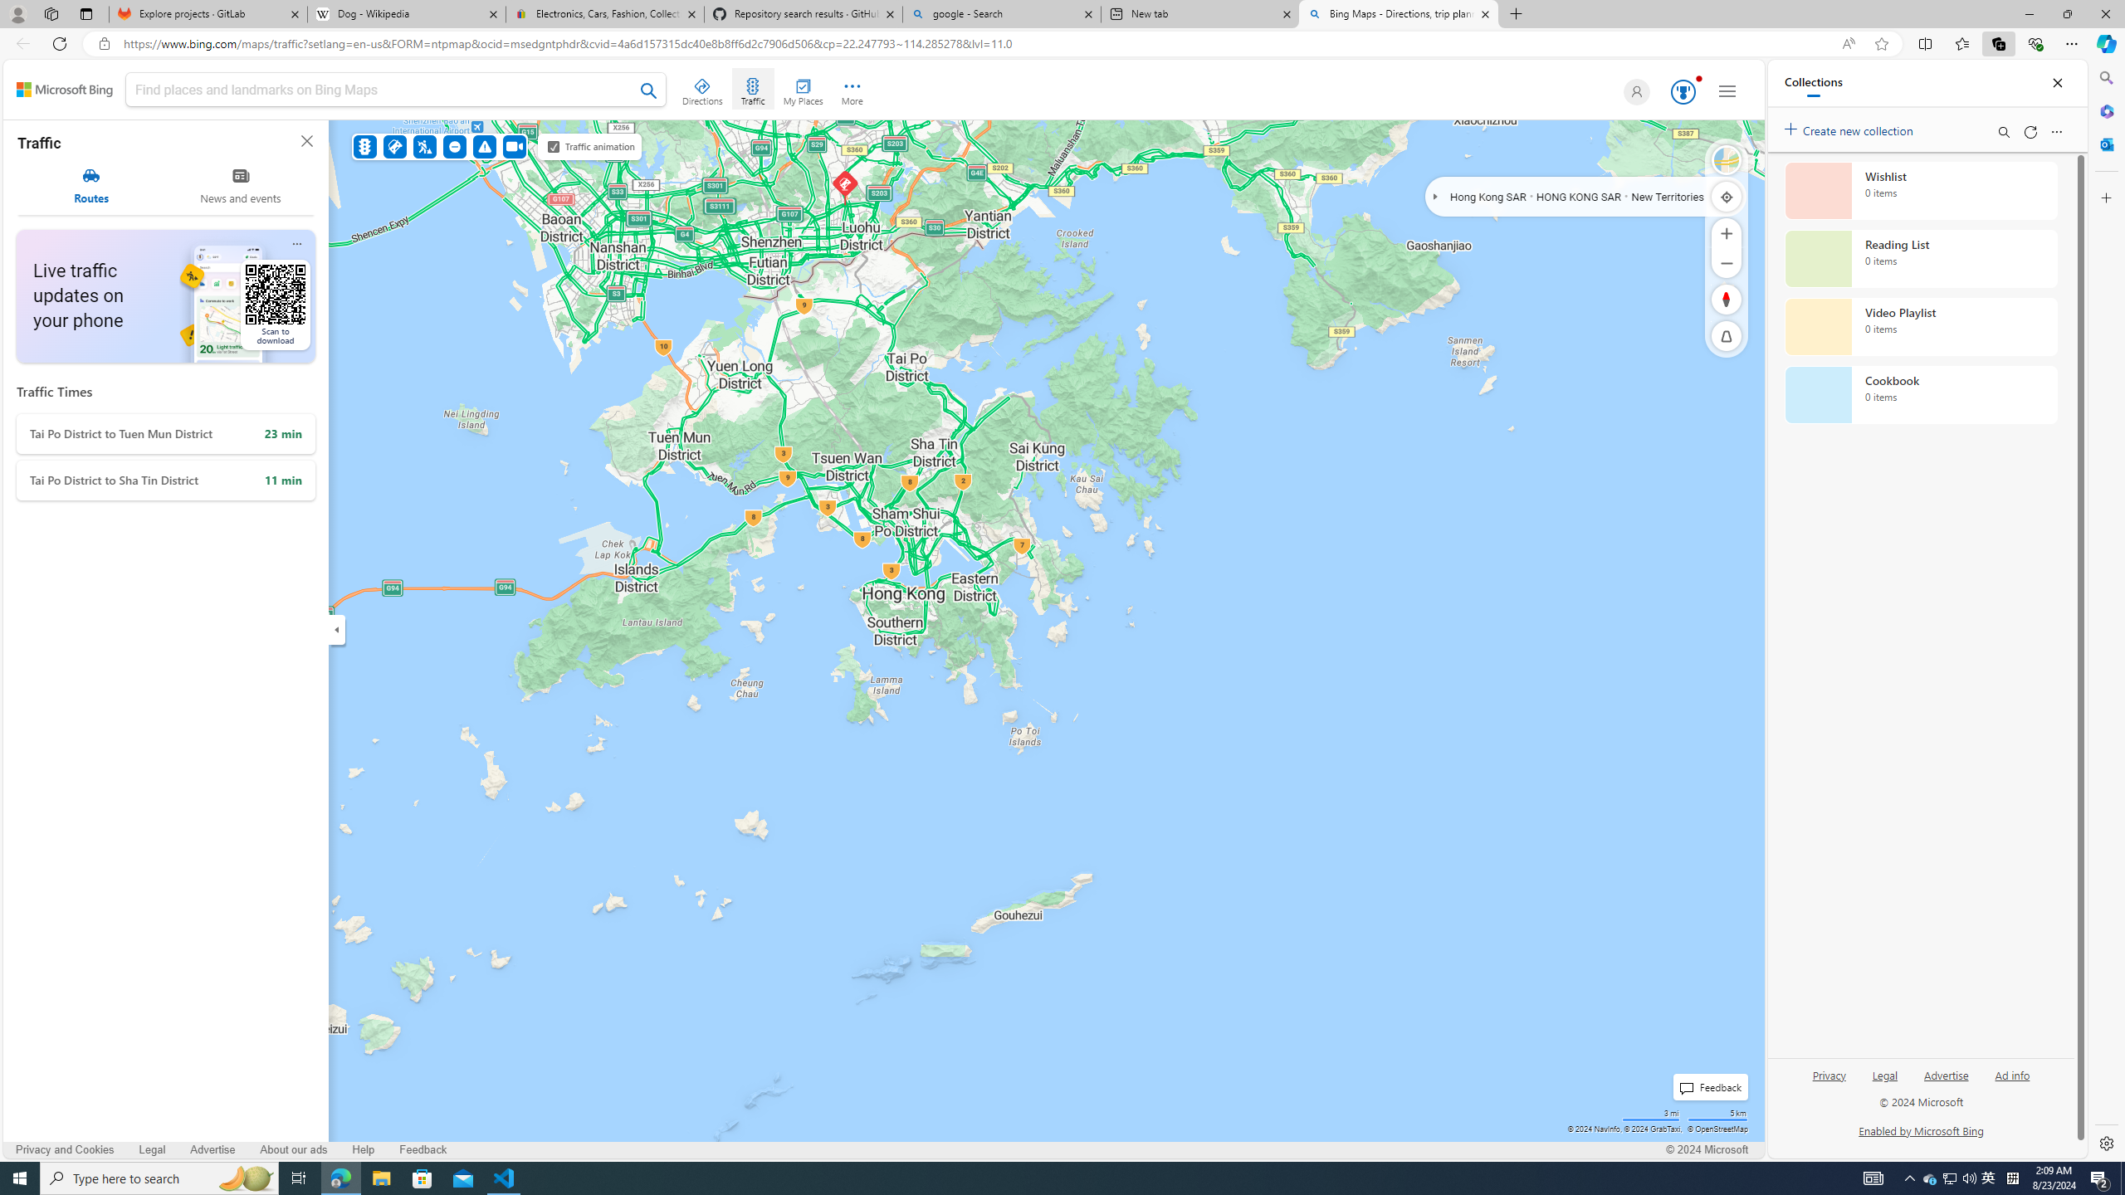  What do you see at coordinates (395, 92) in the screenshot?
I see `'Class: inputbox'` at bounding box center [395, 92].